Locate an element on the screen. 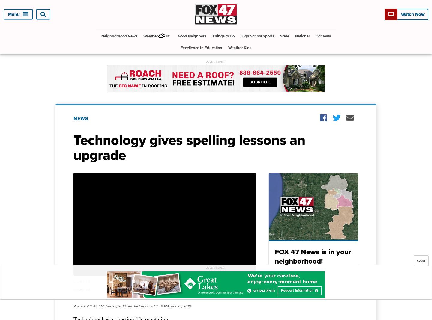 The width and height of the screenshot is (432, 320). 'State' is located at coordinates (284, 36).